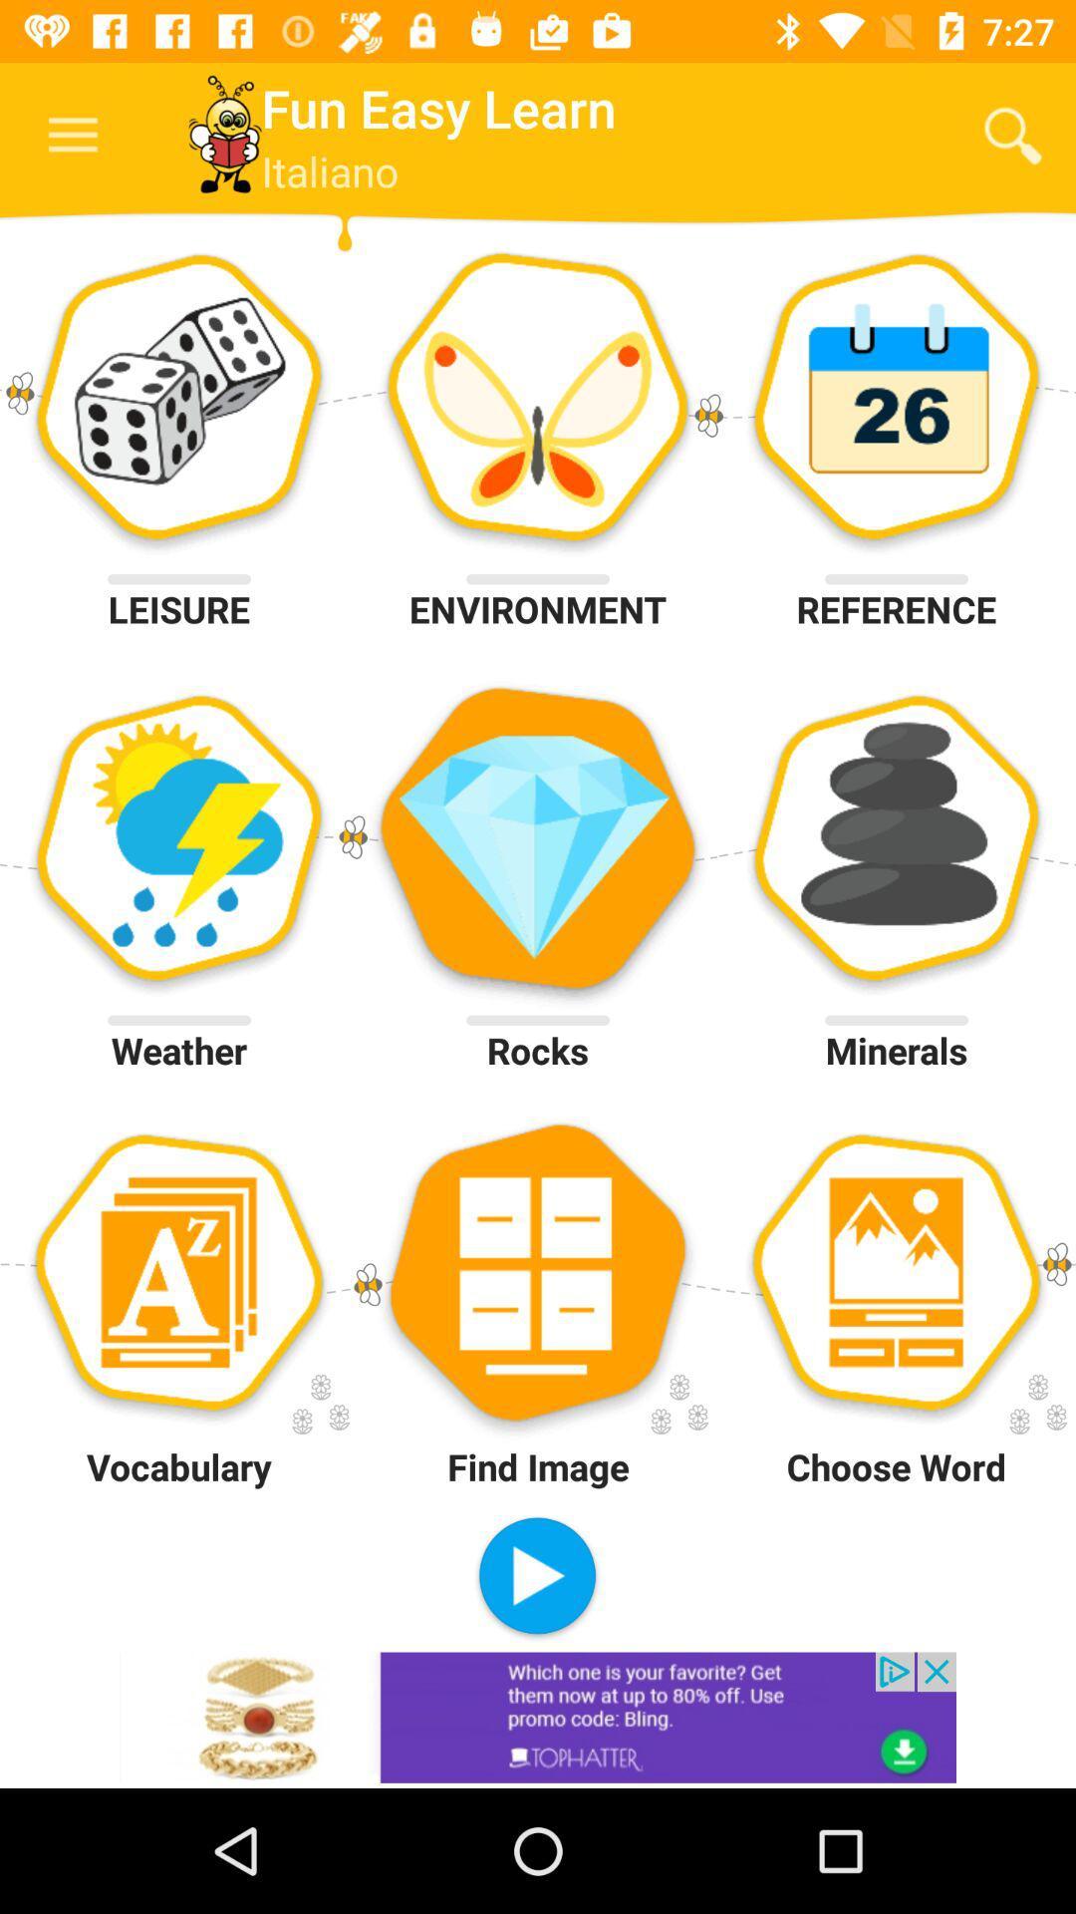 This screenshot has width=1076, height=1914. Describe the element at coordinates (538, 1717) in the screenshot. I see `advertisement` at that location.